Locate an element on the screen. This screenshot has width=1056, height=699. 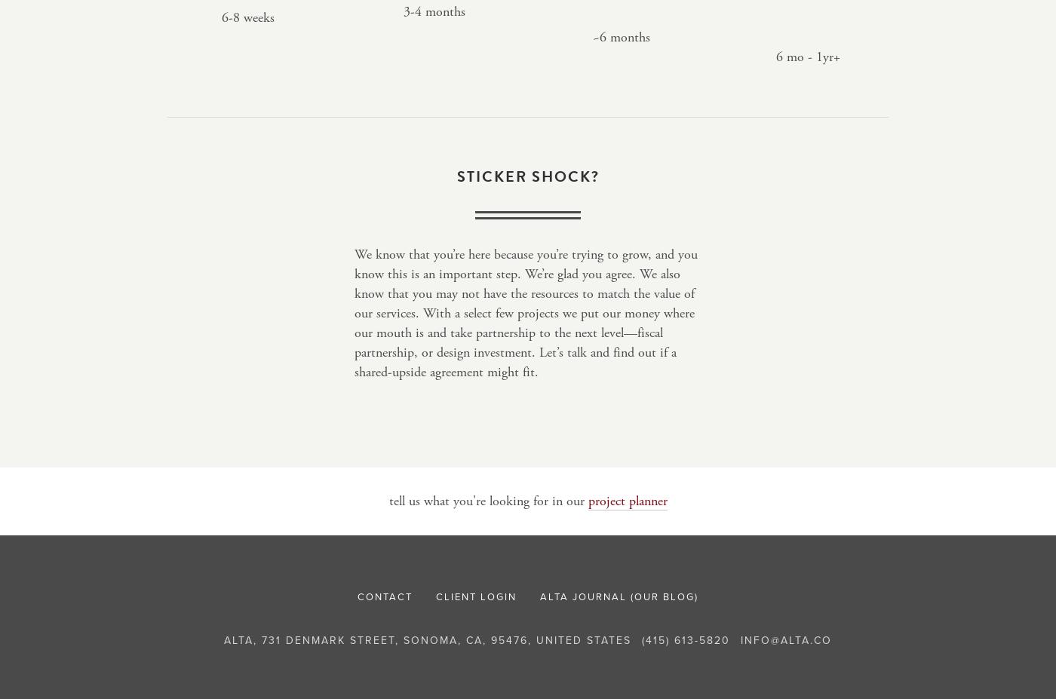
'3-4 months' is located at coordinates (434, 11).